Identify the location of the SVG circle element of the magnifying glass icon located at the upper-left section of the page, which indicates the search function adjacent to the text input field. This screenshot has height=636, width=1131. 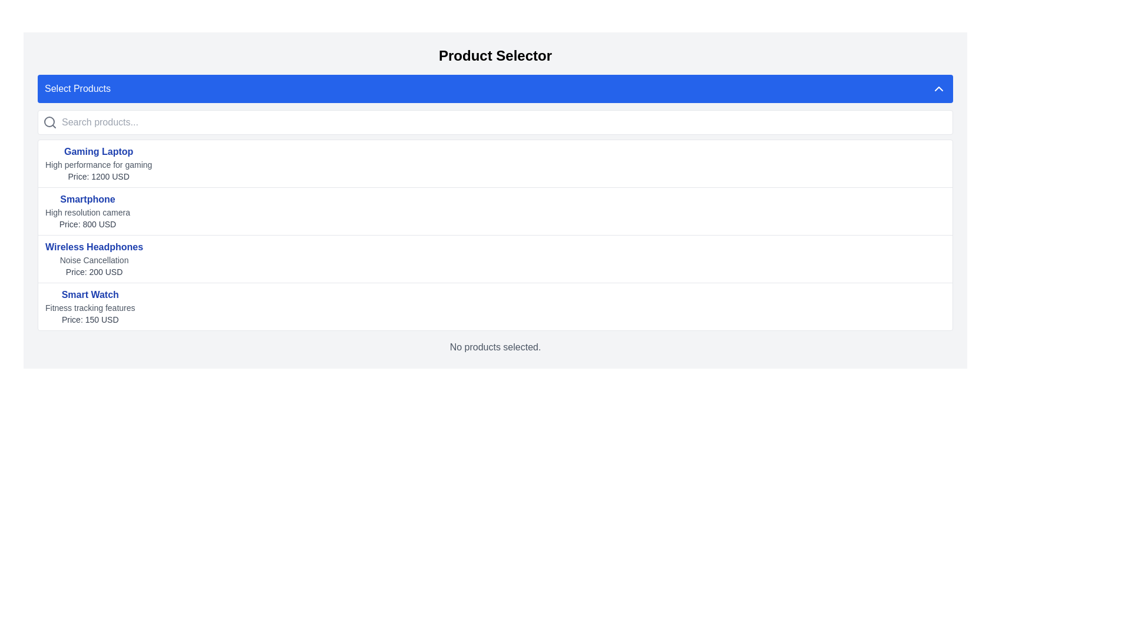
(48, 122).